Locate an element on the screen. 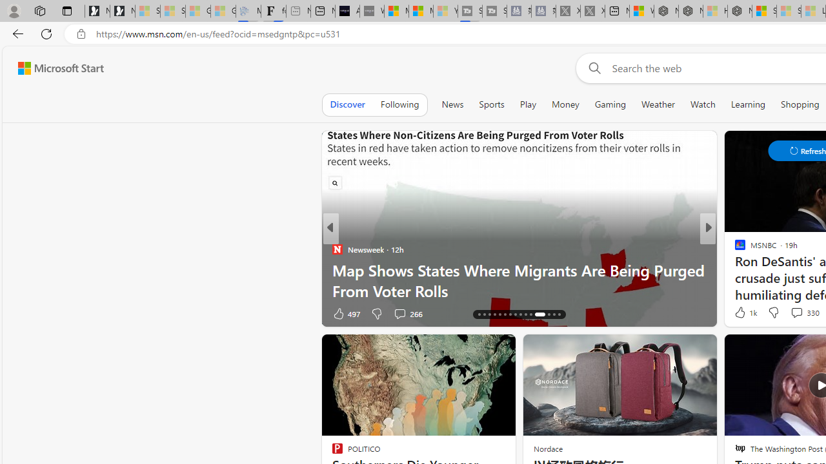 The height and width of the screenshot is (464, 826). 'View comments 330 Comment' is located at coordinates (796, 313).